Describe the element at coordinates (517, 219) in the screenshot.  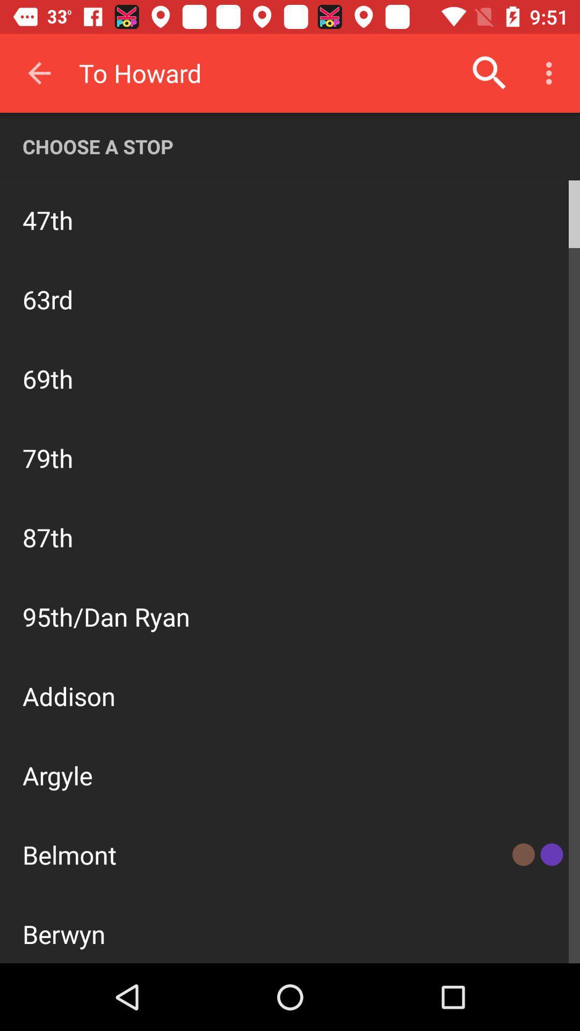
I see `stop` at that location.